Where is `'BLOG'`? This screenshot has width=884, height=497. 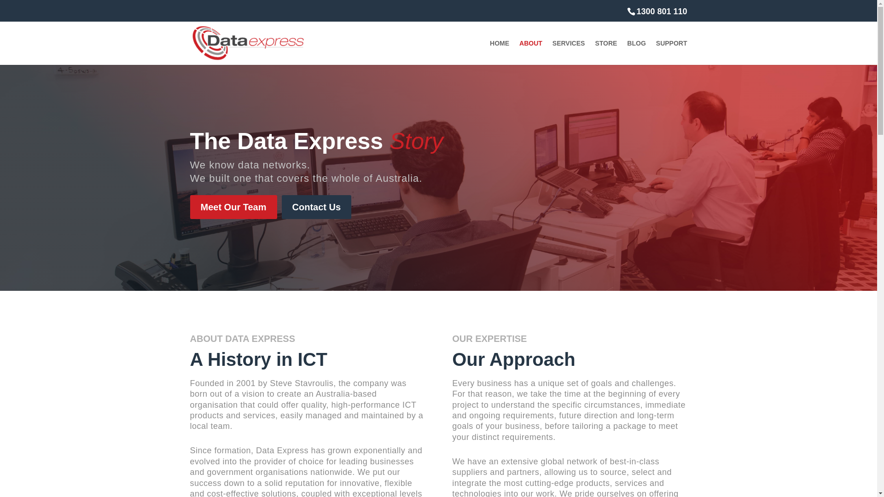
'BLOG' is located at coordinates (636, 52).